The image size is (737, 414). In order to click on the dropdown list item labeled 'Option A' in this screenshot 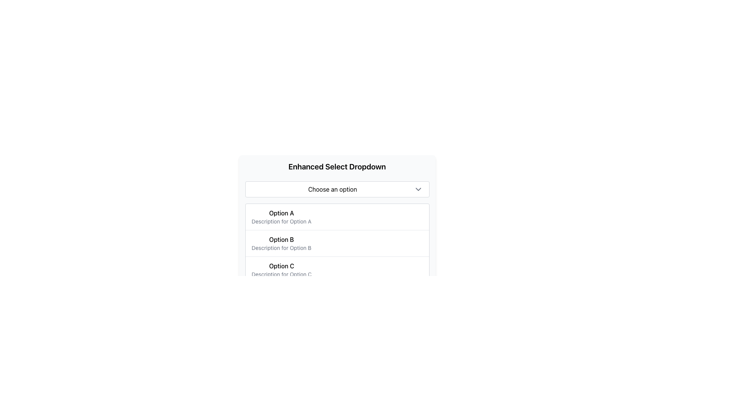, I will do `click(337, 217)`.